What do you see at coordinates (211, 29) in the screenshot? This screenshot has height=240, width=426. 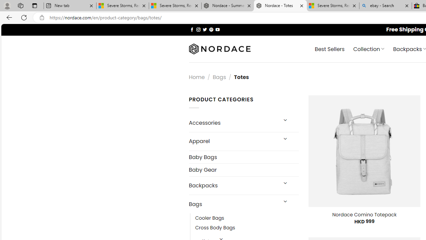 I see `'Follow on Pinterest'` at bounding box center [211, 29].